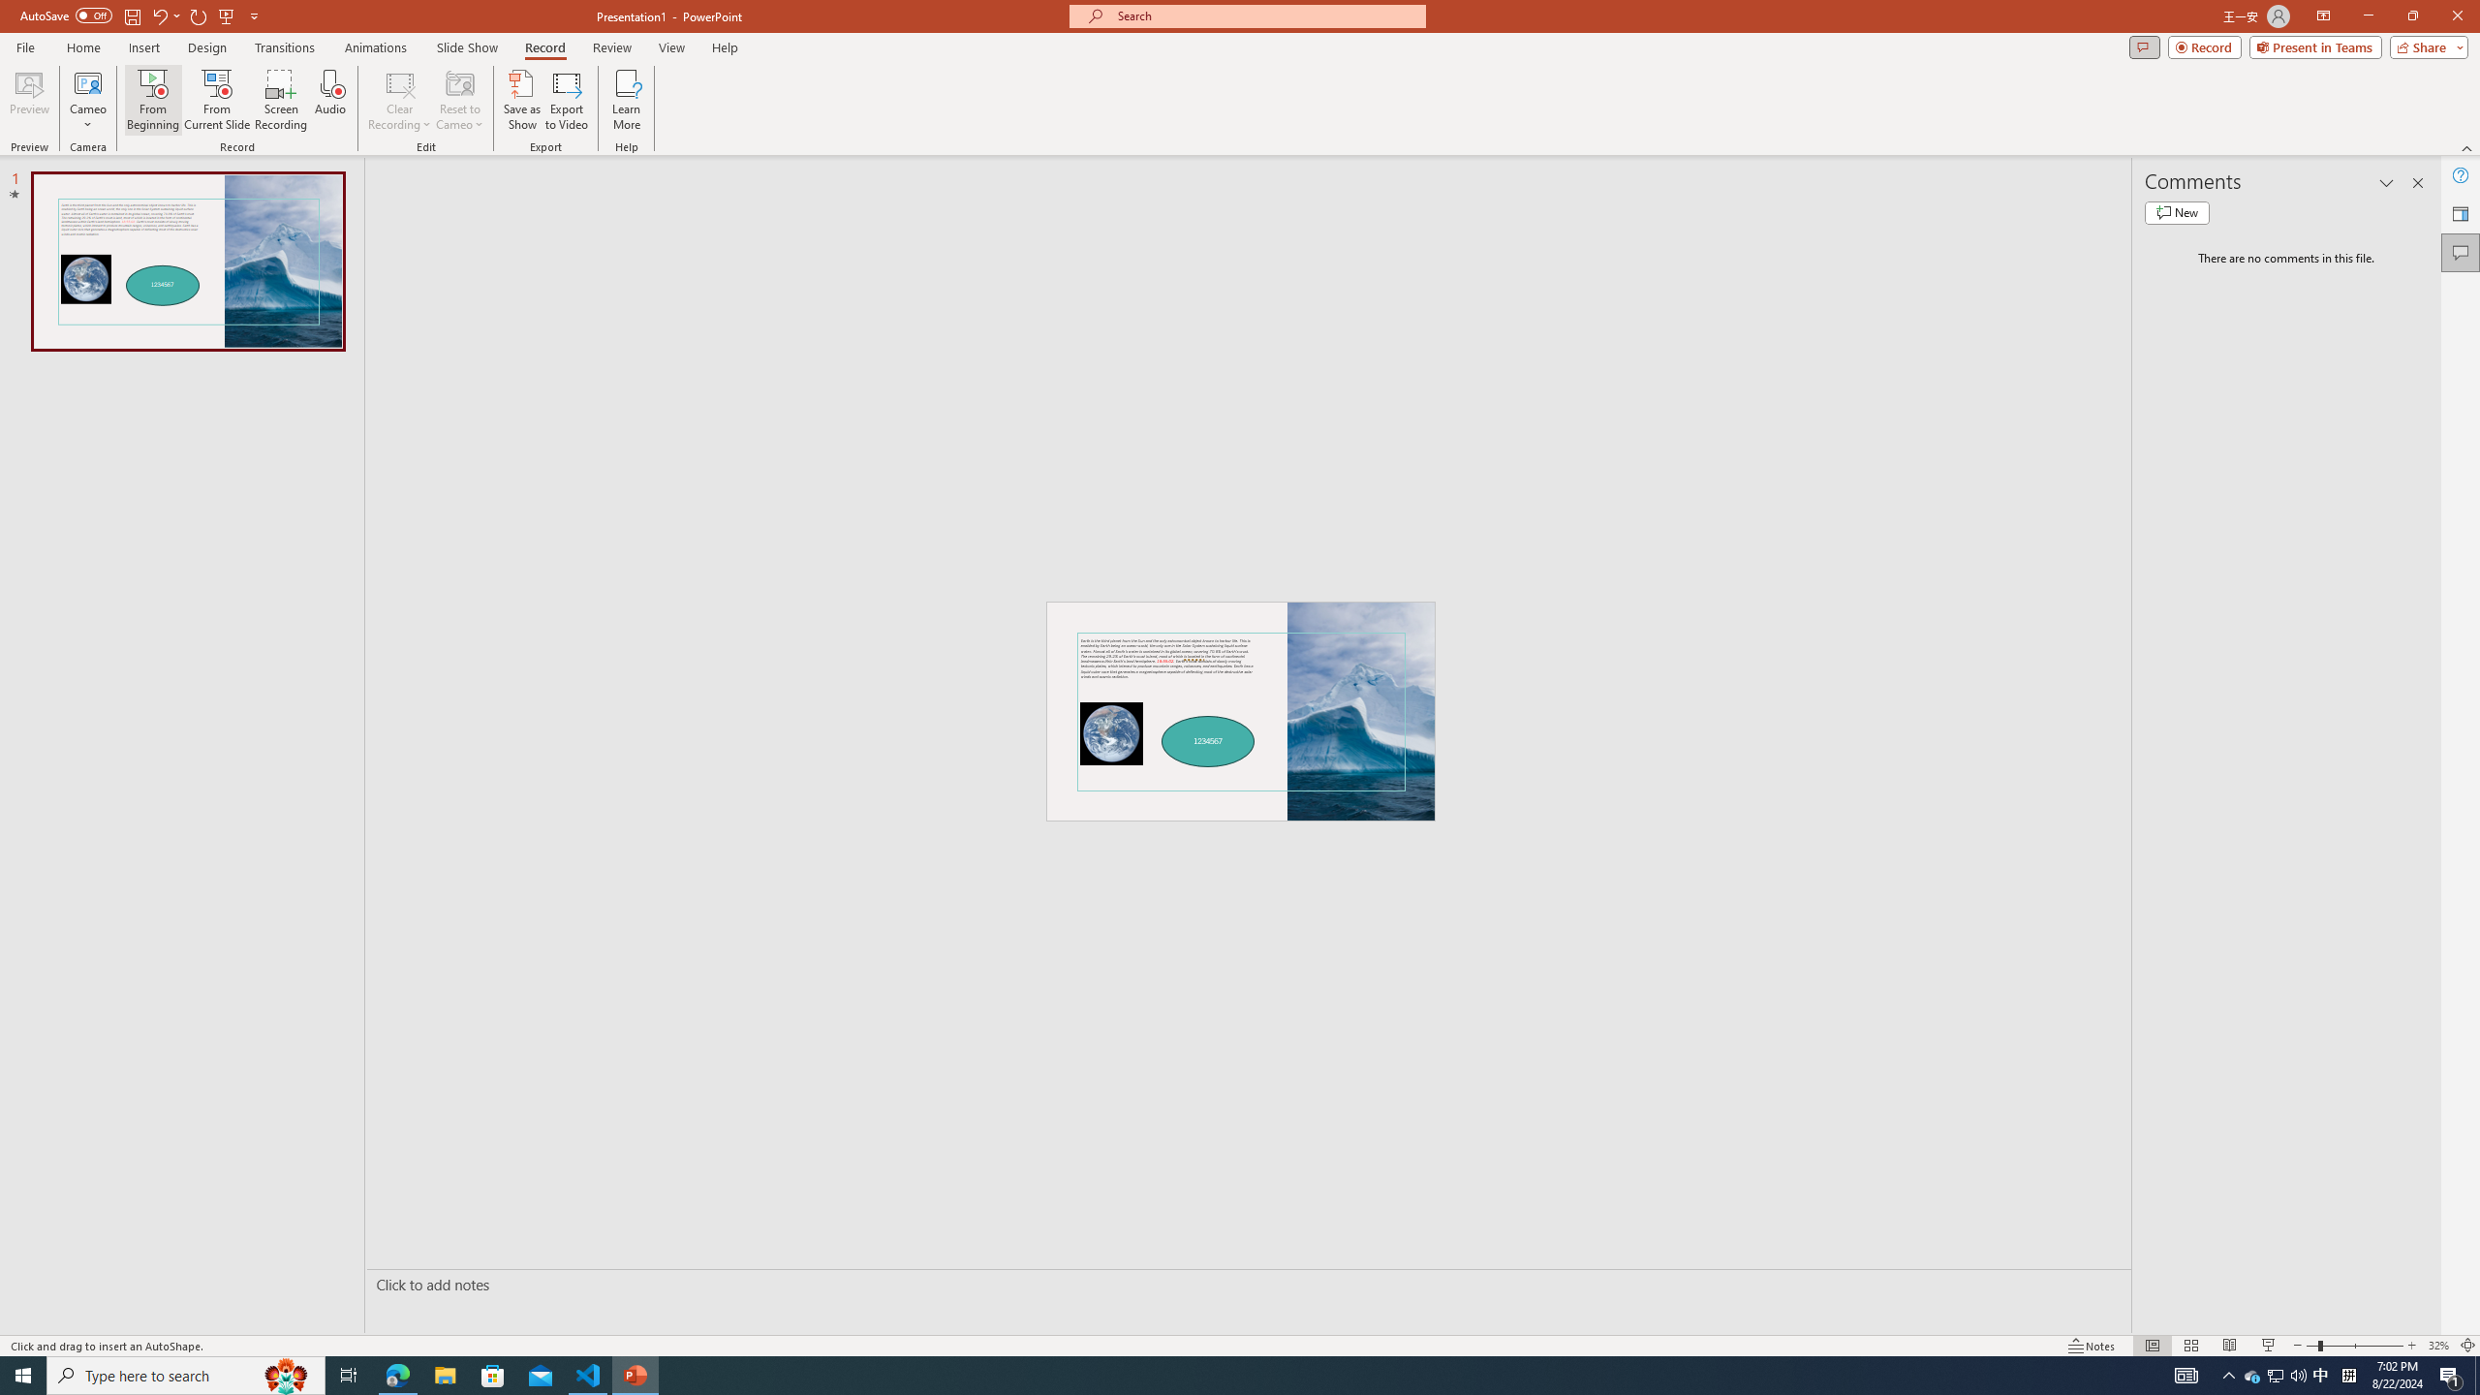 This screenshot has width=2480, height=1395. Describe the element at coordinates (2460, 214) in the screenshot. I see `'Feedback to Microsoft'` at that location.